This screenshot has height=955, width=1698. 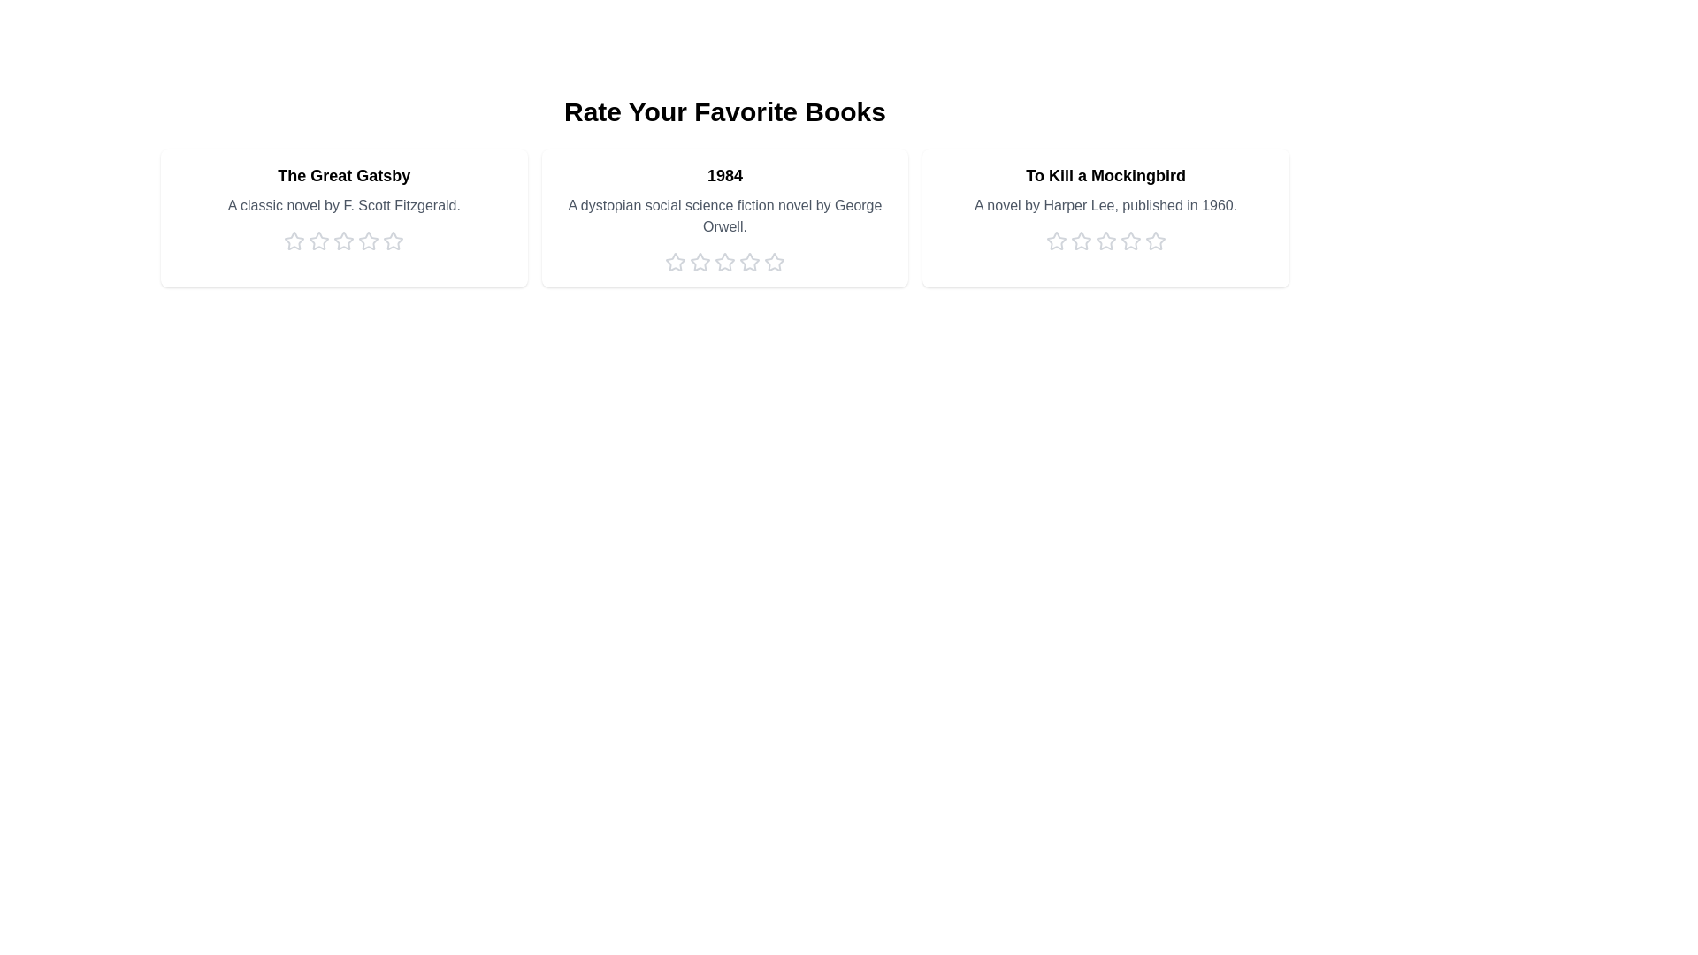 I want to click on the description of the book 'The Great Gatsby', so click(x=344, y=204).